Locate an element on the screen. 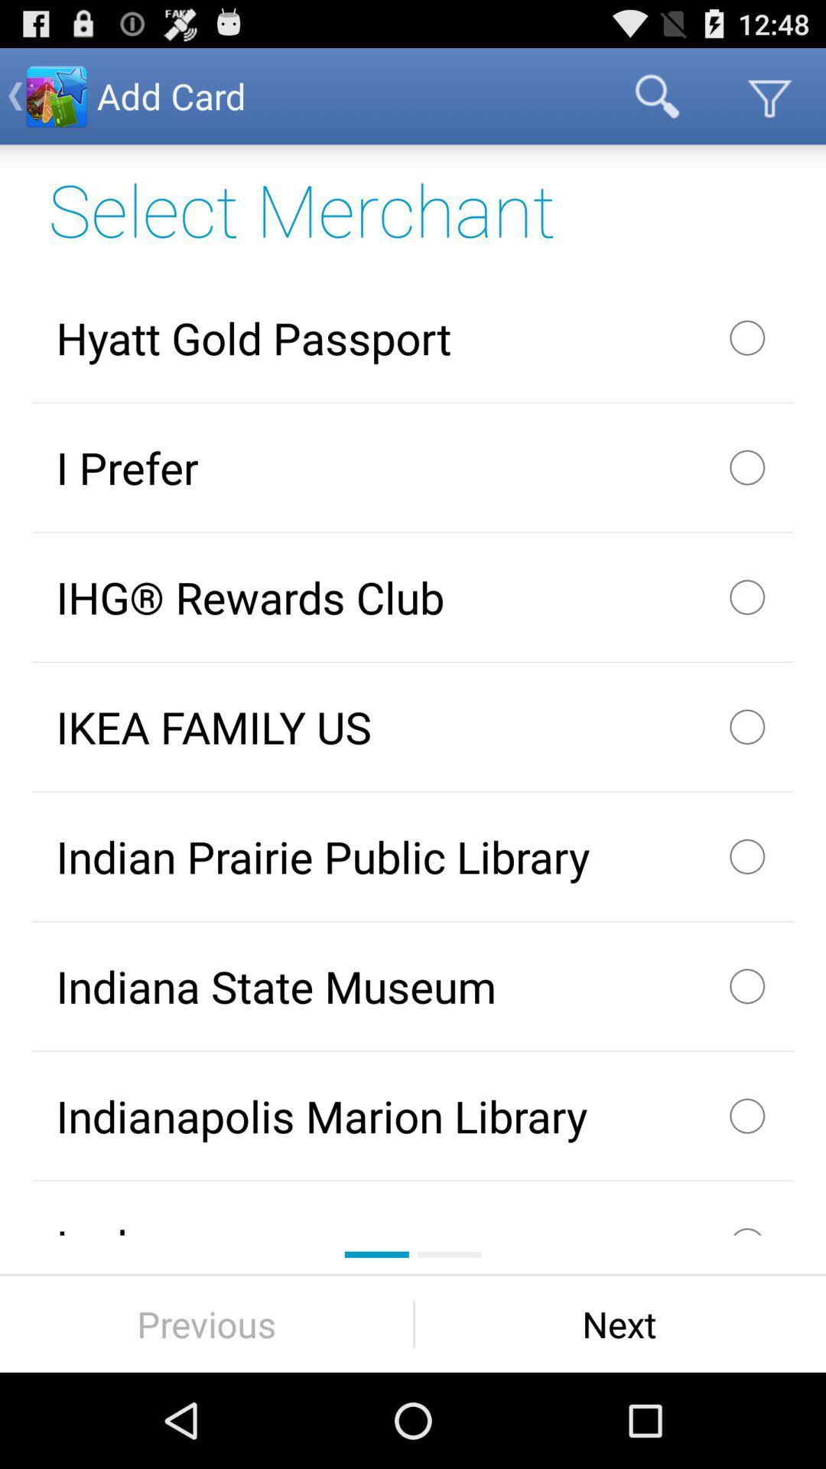 The image size is (826, 1469). the checkbox below the i prefer is located at coordinates (413, 596).